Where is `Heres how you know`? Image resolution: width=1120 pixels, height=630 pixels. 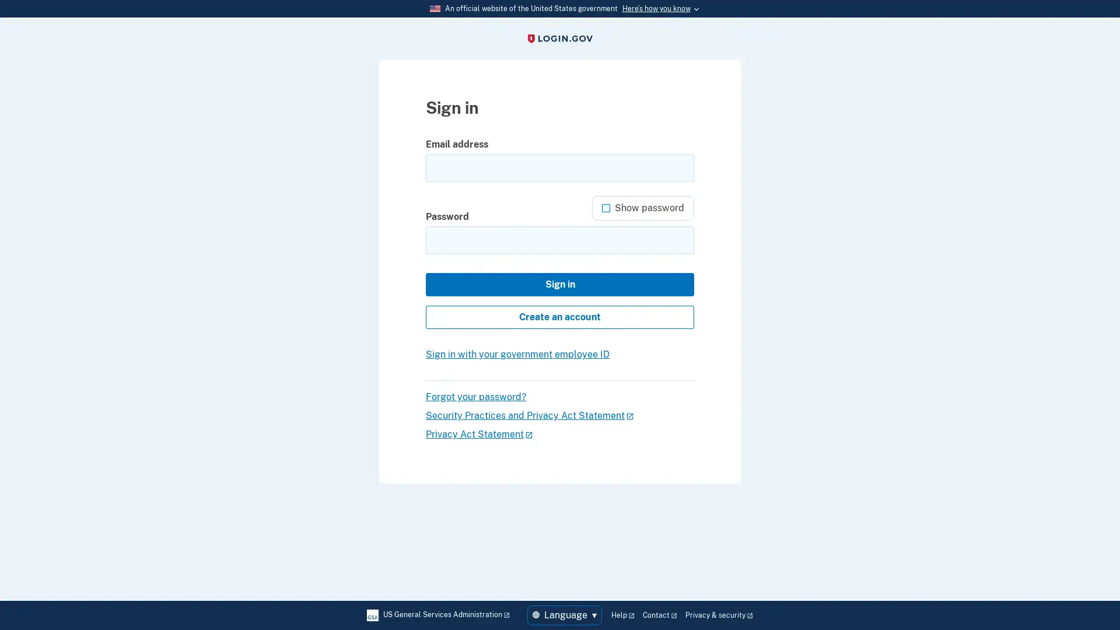 Heres how you know is located at coordinates (656, 9).